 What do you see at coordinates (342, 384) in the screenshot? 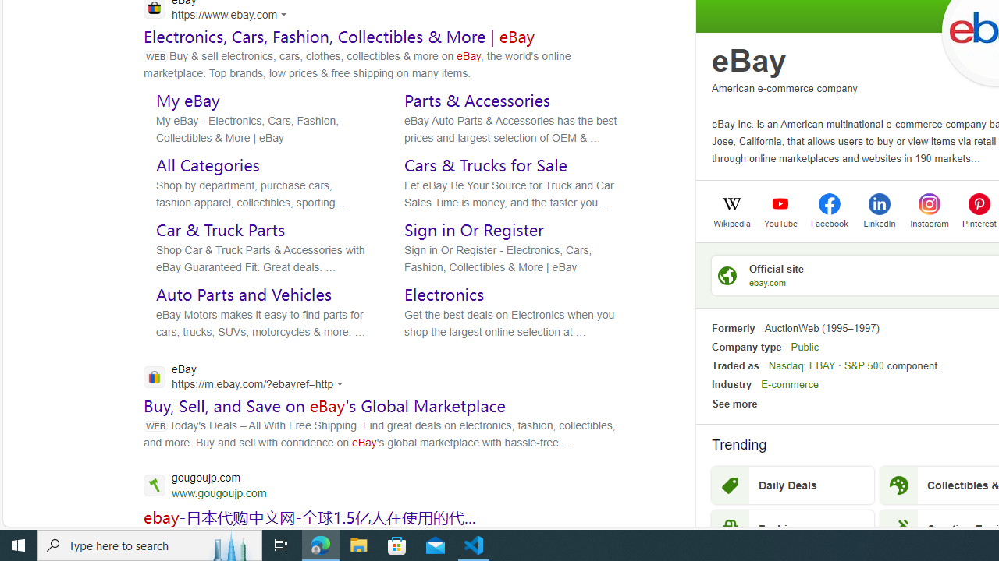
I see `'Actions for this site'` at bounding box center [342, 384].